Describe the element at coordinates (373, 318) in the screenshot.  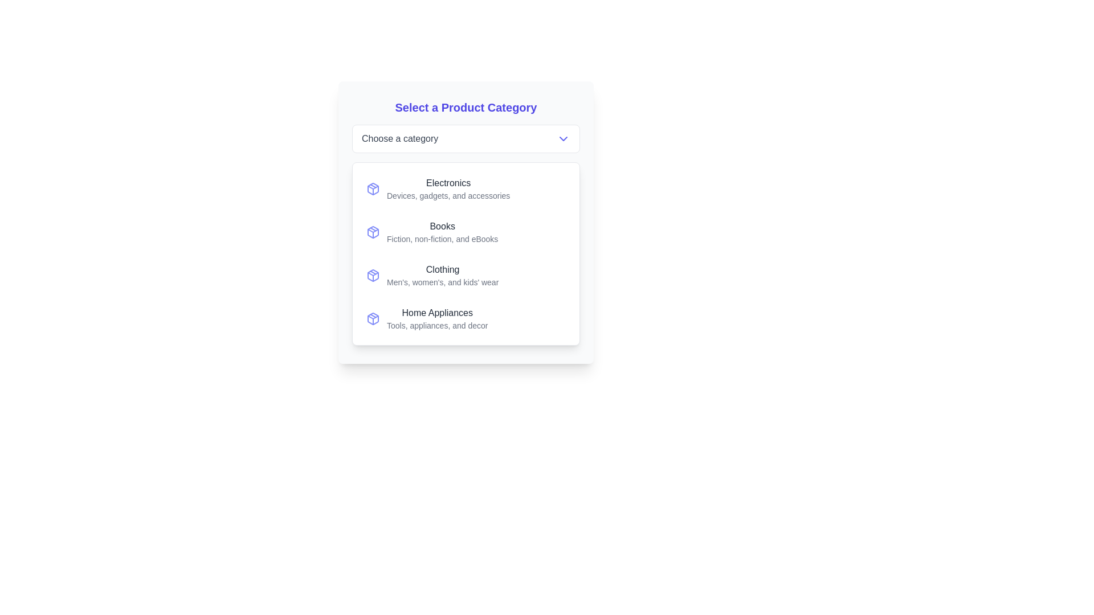
I see `the 'Home Appliances' icon` at that location.